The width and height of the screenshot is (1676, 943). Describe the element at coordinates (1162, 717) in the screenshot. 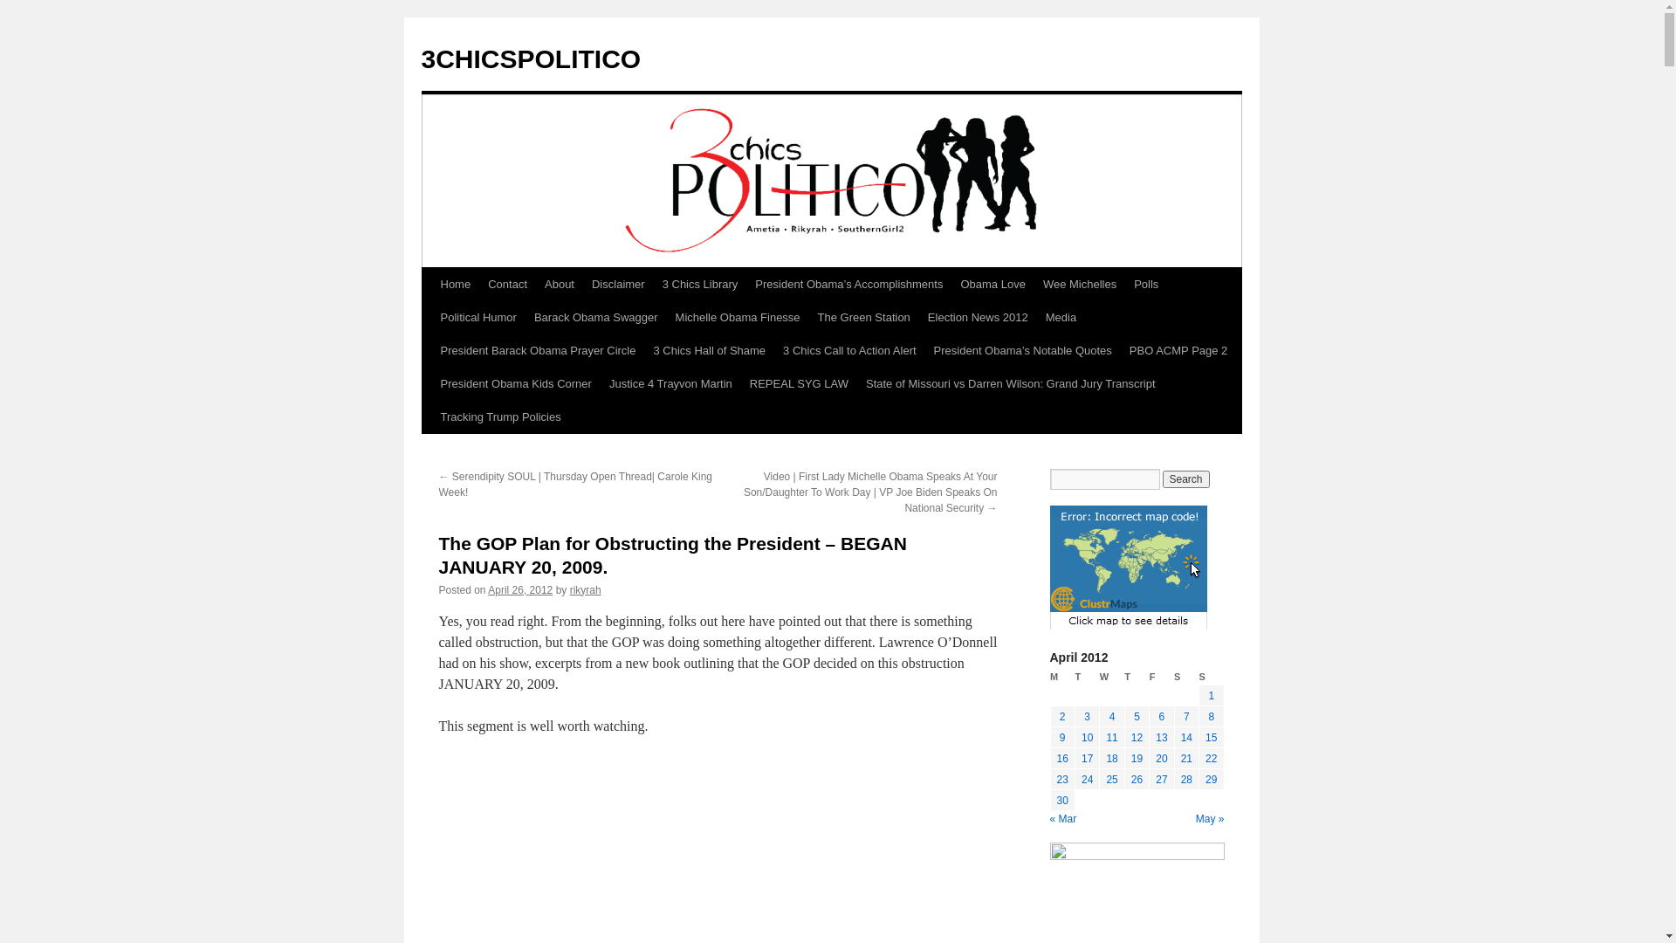

I see `'6'` at that location.